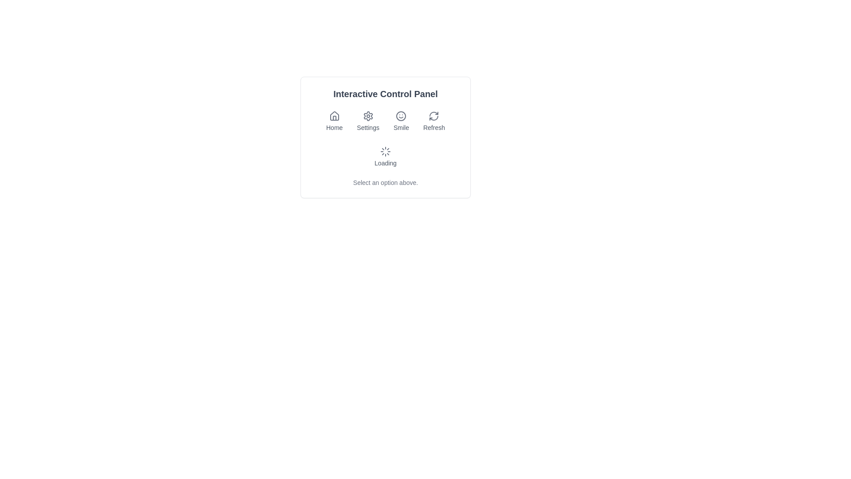 Image resolution: width=851 pixels, height=479 pixels. What do you see at coordinates (401, 116) in the screenshot?
I see `the central icon in the dashboard's interactive control panel, which is positioned between the 'Settings' and 'Refresh' icons` at bounding box center [401, 116].